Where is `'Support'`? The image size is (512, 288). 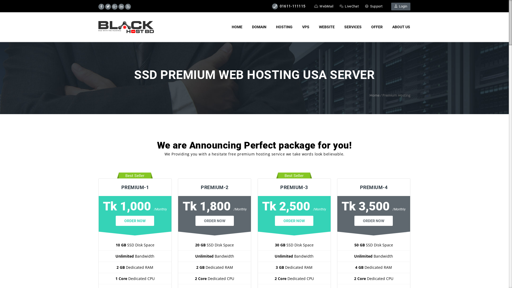 'Support' is located at coordinates (373, 6).